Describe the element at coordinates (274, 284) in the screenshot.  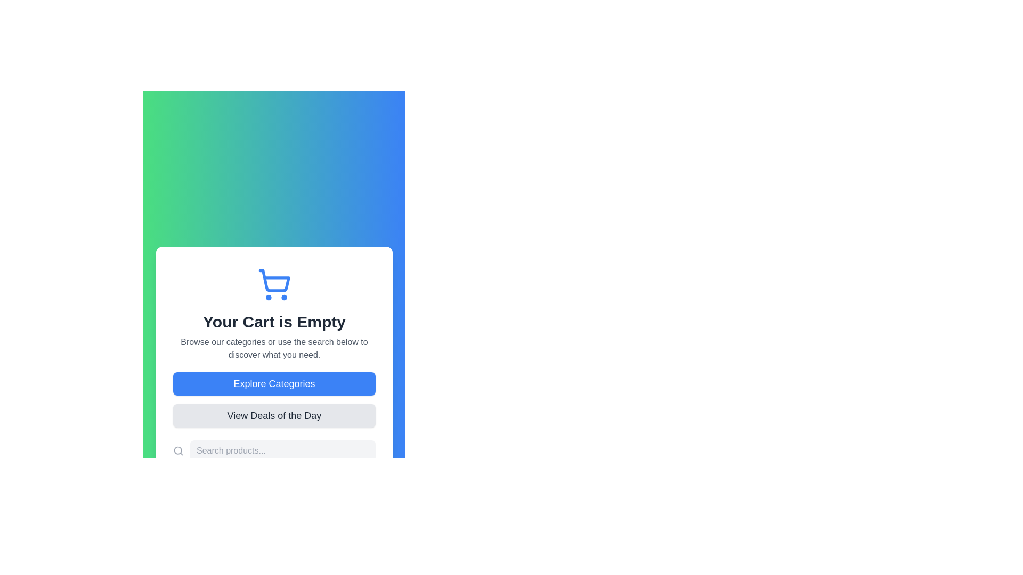
I see `the shopping cart icon, which is a modern outline style, blue in color, with circular wheels and a rectangular basket, located prominently in the upper-center of the section above the text 'Your Cart is Empty'` at that location.